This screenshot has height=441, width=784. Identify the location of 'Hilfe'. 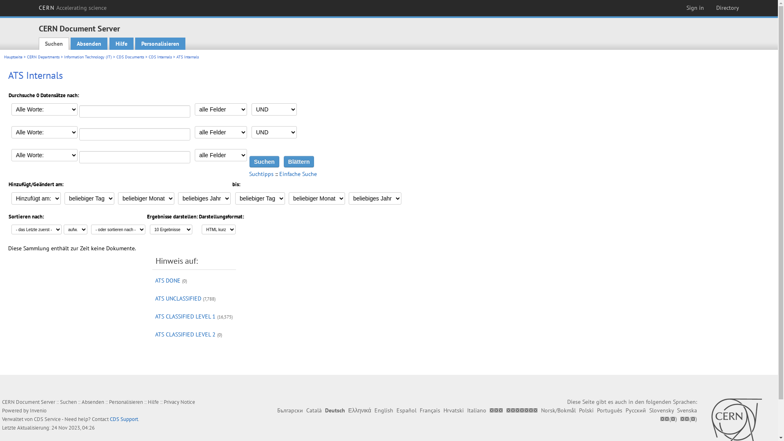
(153, 401).